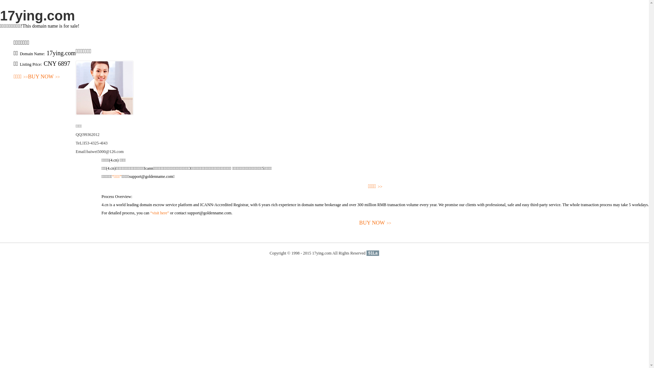 The image size is (654, 368). Describe the element at coordinates (372, 253) in the screenshot. I see `'51La'` at that location.